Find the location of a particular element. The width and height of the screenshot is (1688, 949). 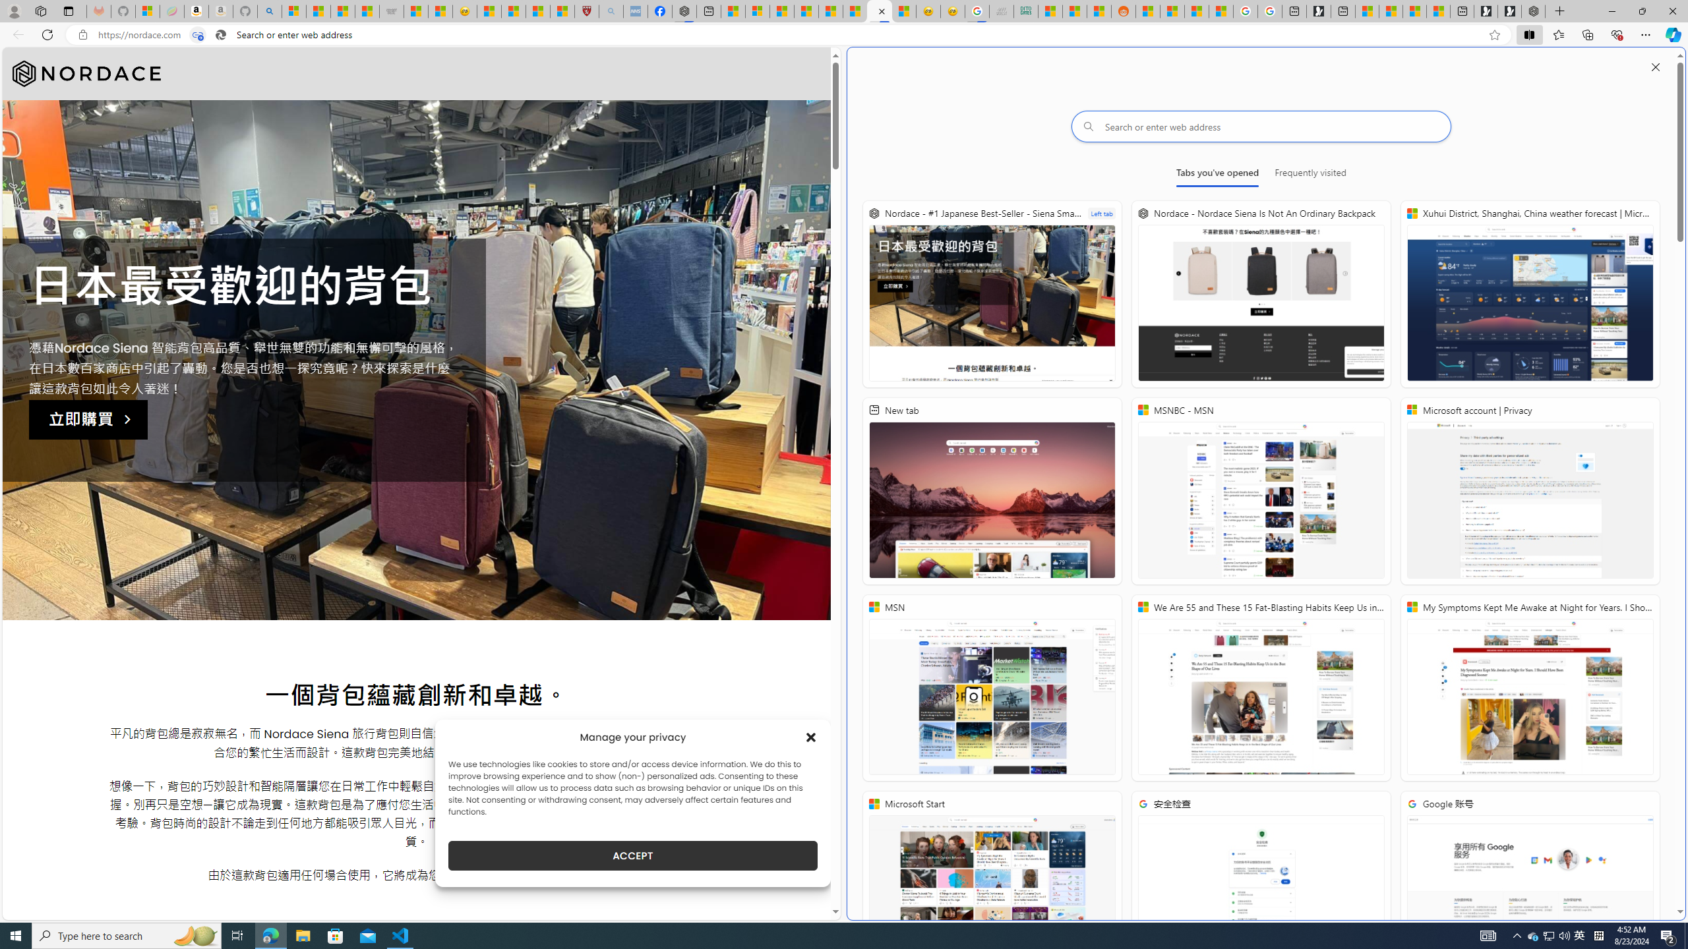

'Split screen' is located at coordinates (1529, 34).